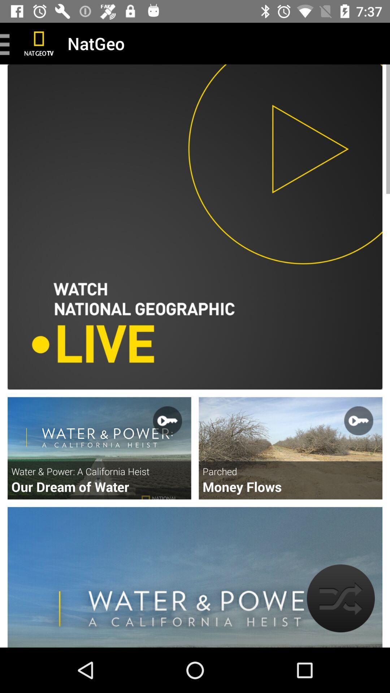 The height and width of the screenshot is (693, 390). What do you see at coordinates (99, 448) in the screenshot?
I see `sends to the image article` at bounding box center [99, 448].